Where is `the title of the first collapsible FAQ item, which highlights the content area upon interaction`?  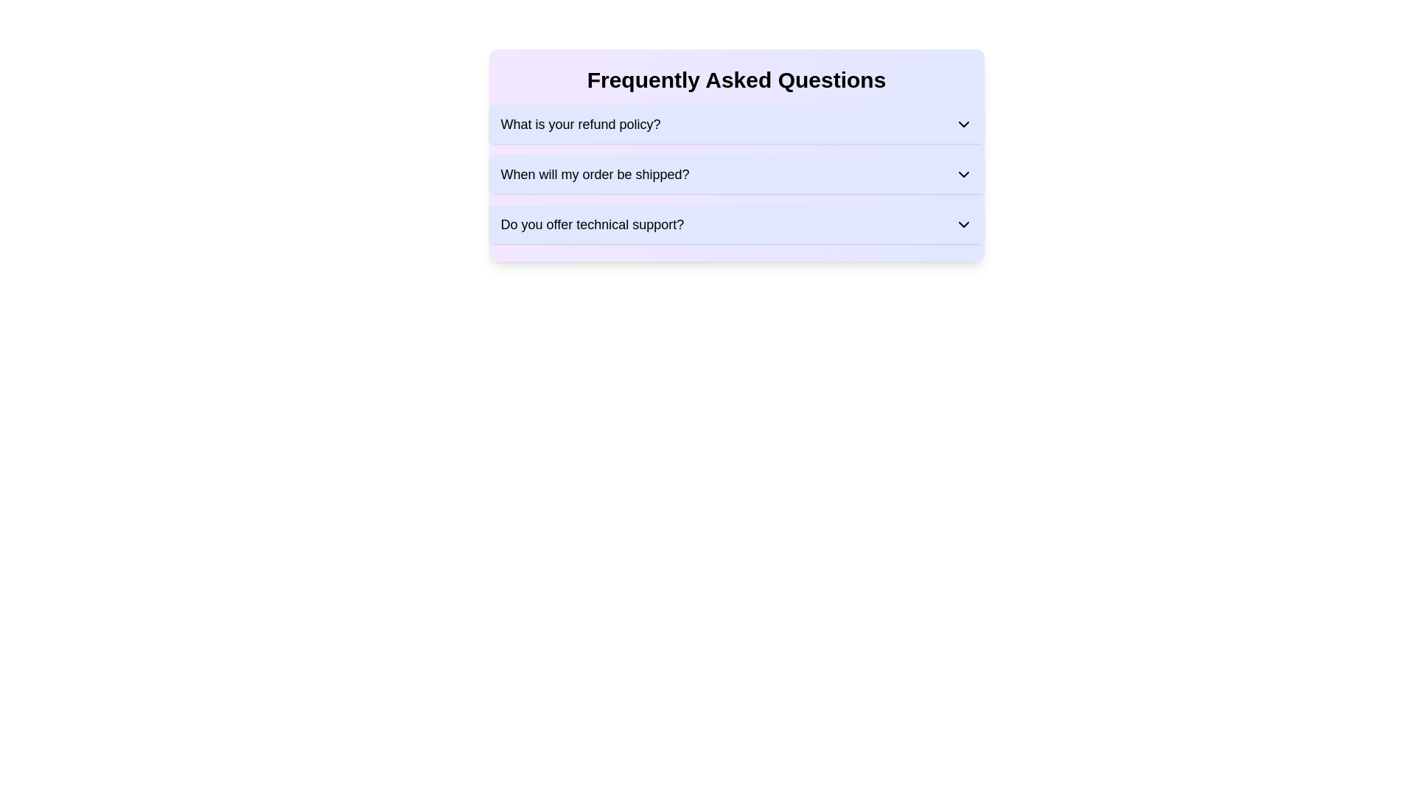
the title of the first collapsible FAQ item, which highlights the content area upon interaction is located at coordinates (579, 124).